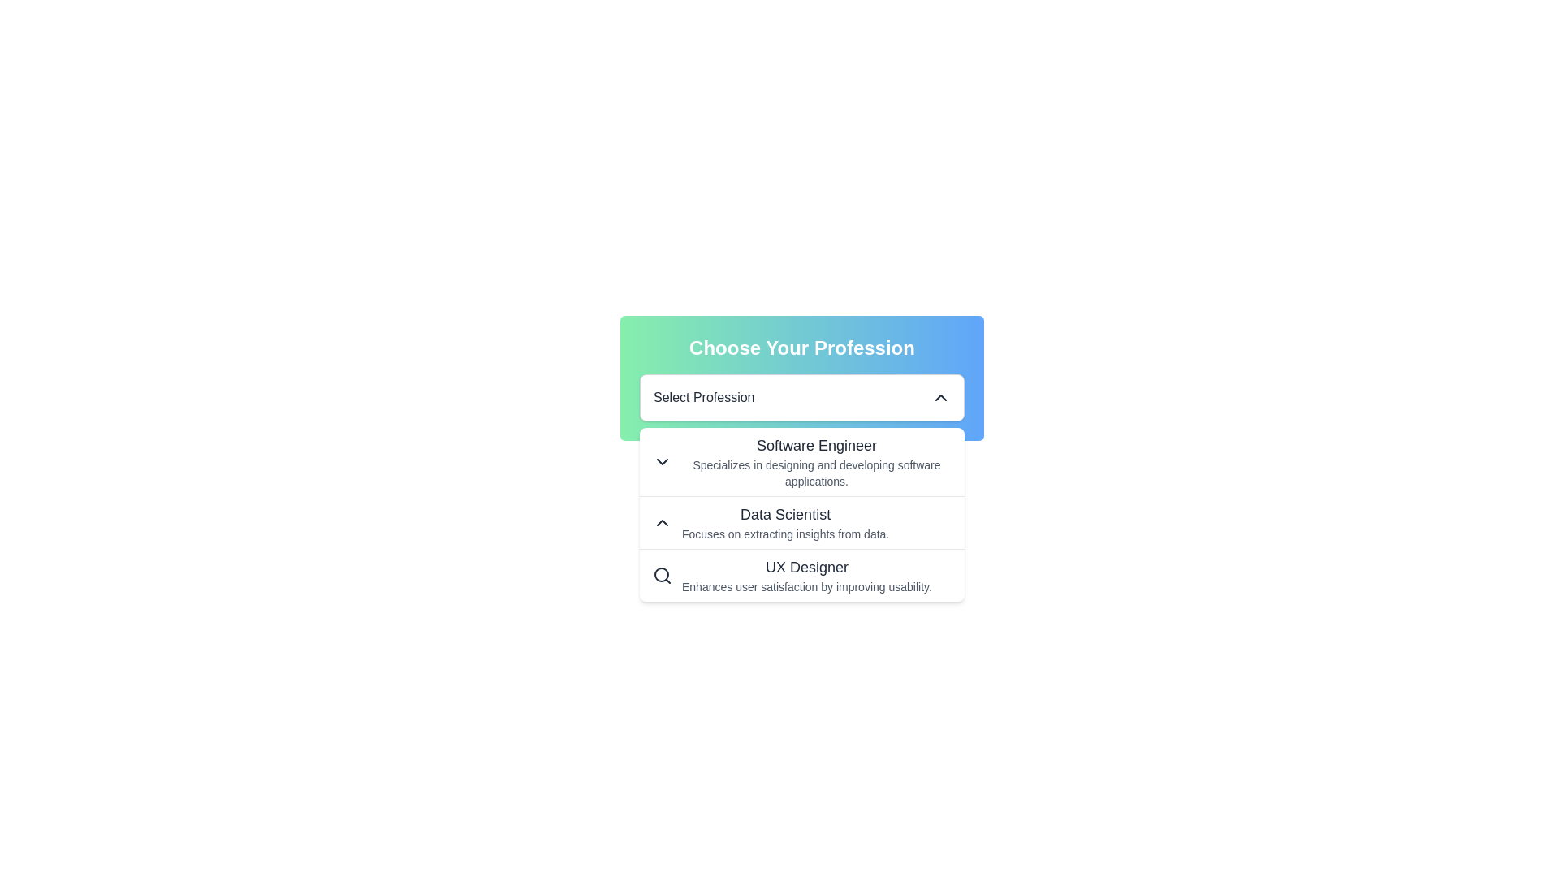 The image size is (1559, 877). I want to click on the collapsible icon located to the left of the 'Data Scientist' label, so click(663, 523).